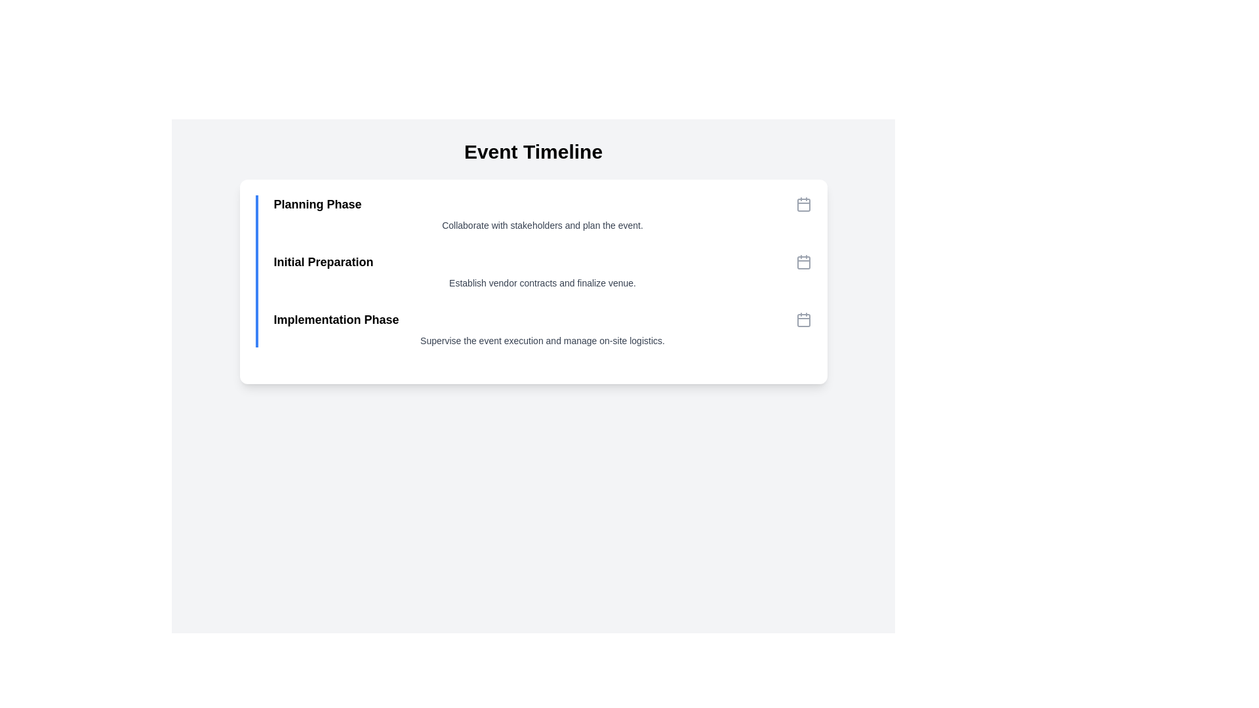 This screenshot has height=708, width=1259. I want to click on the topmost calendar icon in the Event Timeline section, which represents the 'Planning Phase', so click(803, 205).